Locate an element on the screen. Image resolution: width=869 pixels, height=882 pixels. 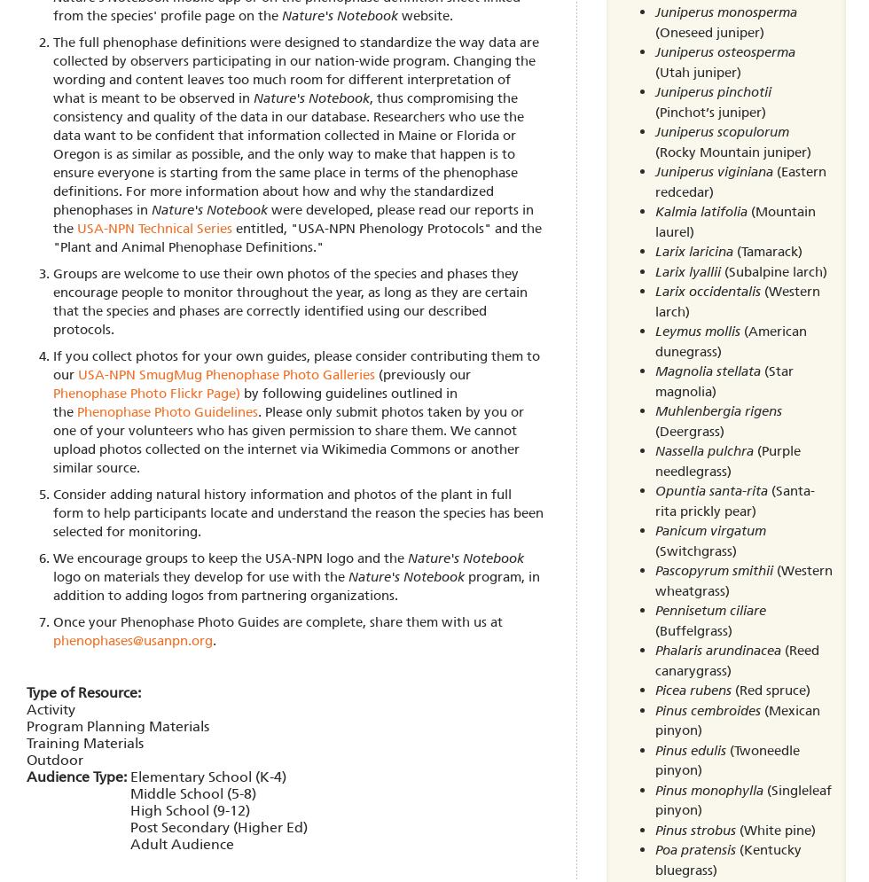
'Audience Type:' is located at coordinates (26, 776).